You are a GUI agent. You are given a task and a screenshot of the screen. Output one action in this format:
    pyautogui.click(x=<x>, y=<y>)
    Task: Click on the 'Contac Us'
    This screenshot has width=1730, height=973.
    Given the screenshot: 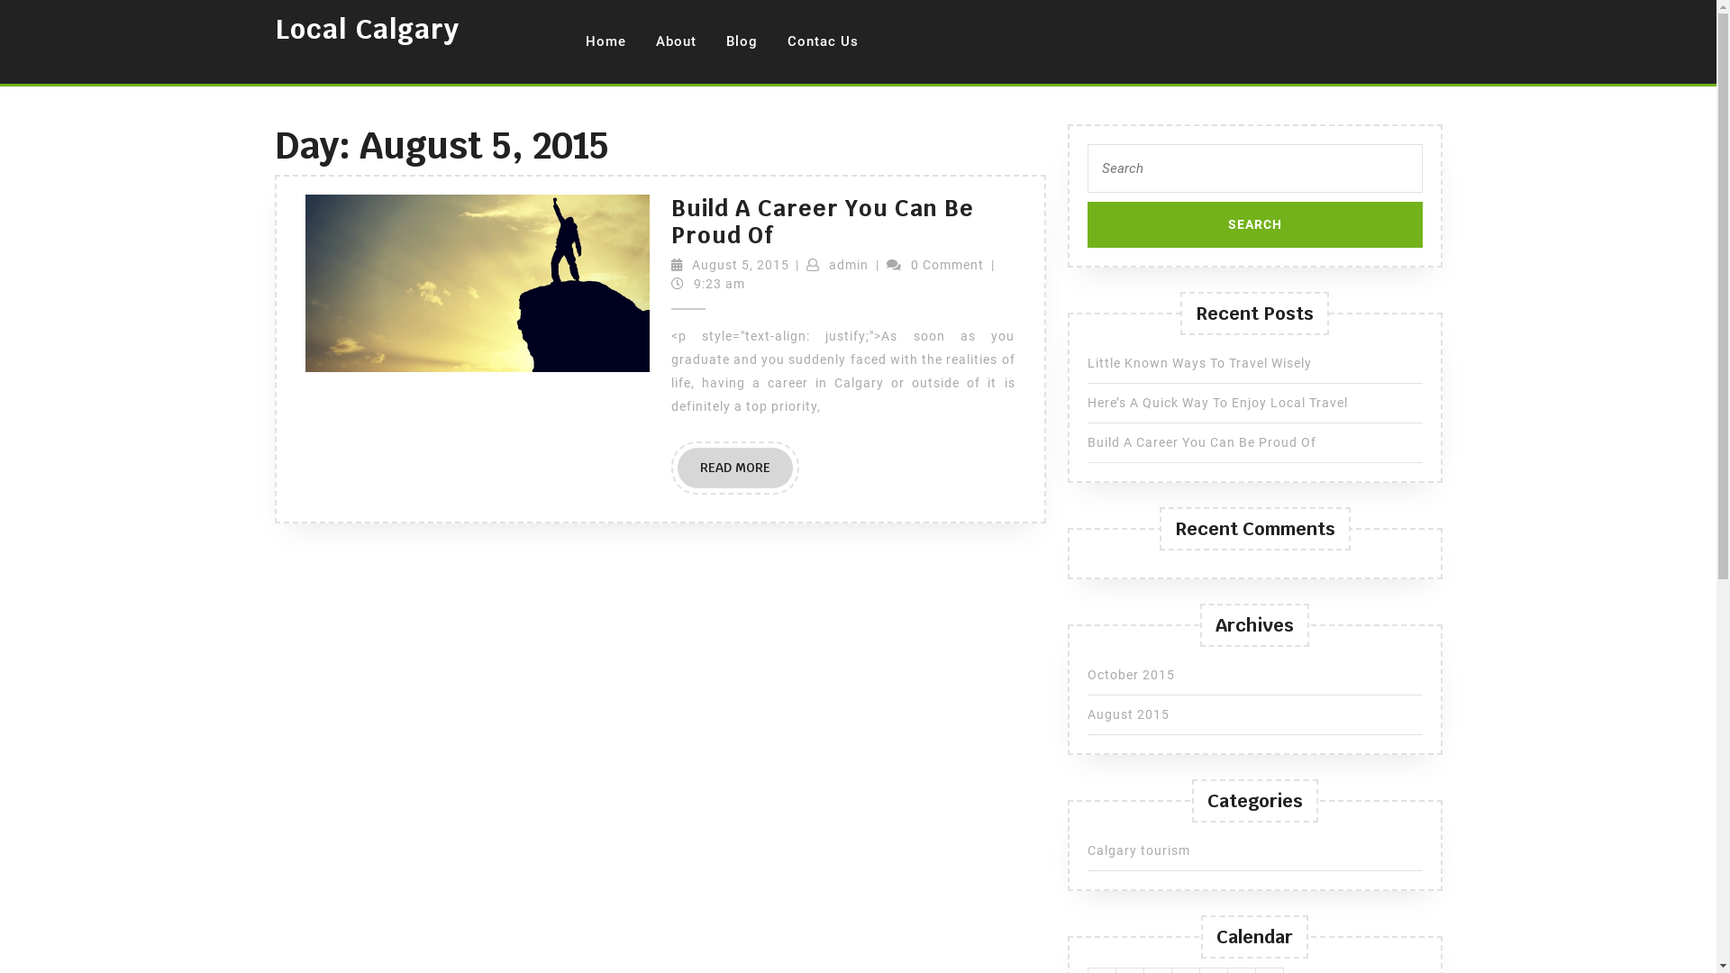 What is the action you would take?
    pyautogui.click(x=773, y=41)
    